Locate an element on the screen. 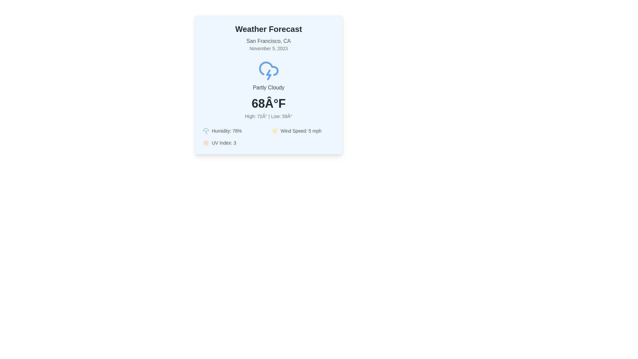 Image resolution: width=638 pixels, height=359 pixels. the date text label located under the title 'San Francisco, CA' in the weather forecast card interface is located at coordinates (268, 48).